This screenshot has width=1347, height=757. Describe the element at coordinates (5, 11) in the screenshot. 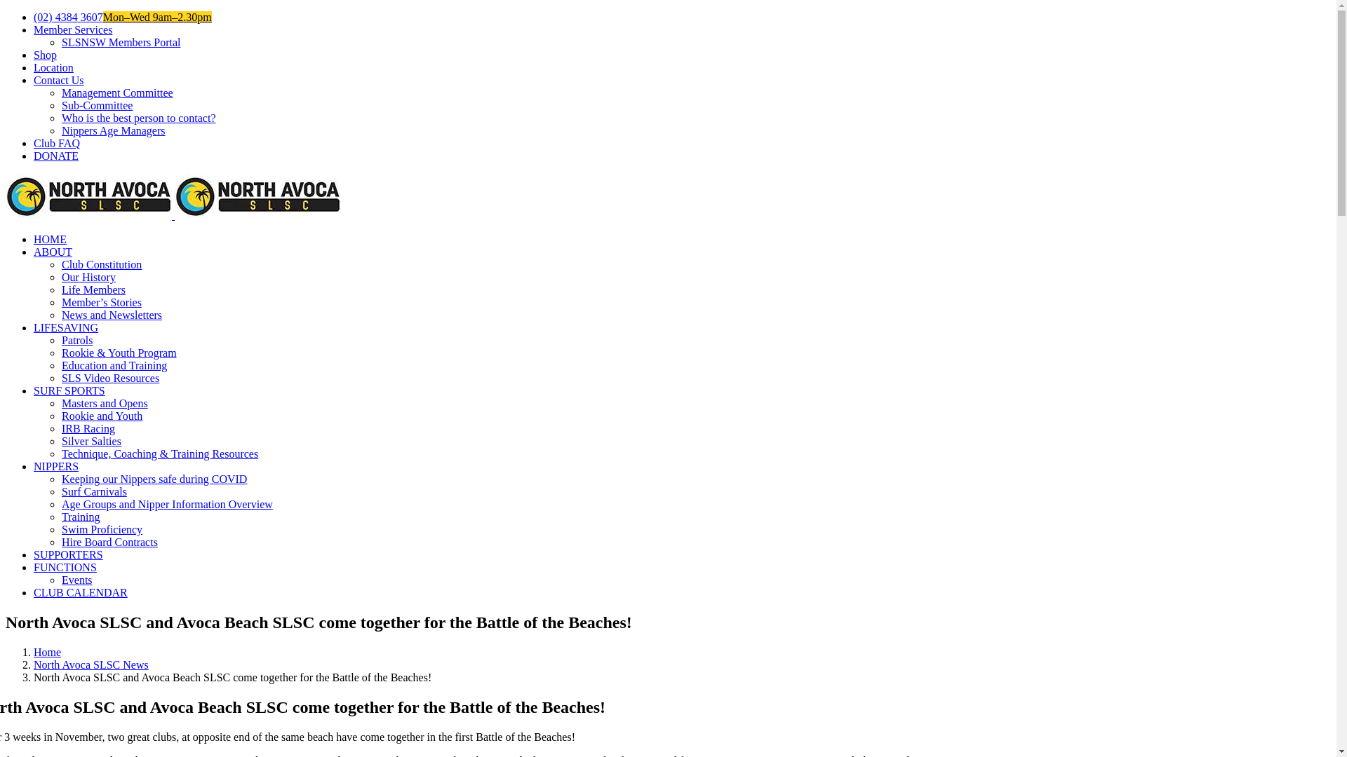

I see `'Skip to content'` at that location.